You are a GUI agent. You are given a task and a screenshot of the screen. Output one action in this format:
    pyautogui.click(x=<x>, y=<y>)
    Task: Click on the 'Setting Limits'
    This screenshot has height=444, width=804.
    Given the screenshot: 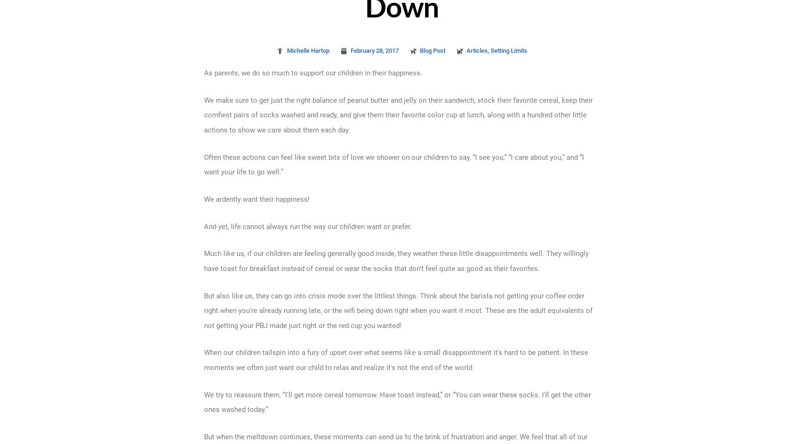 What is the action you would take?
    pyautogui.click(x=509, y=50)
    